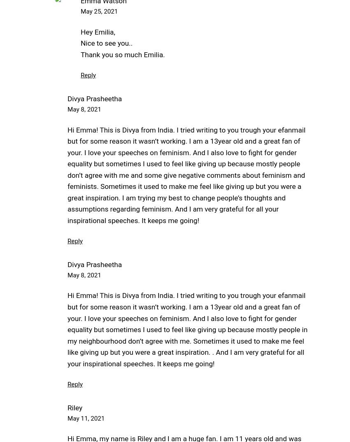 Image resolution: width=350 pixels, height=442 pixels. I want to click on 'May 11, 2021', so click(86, 418).